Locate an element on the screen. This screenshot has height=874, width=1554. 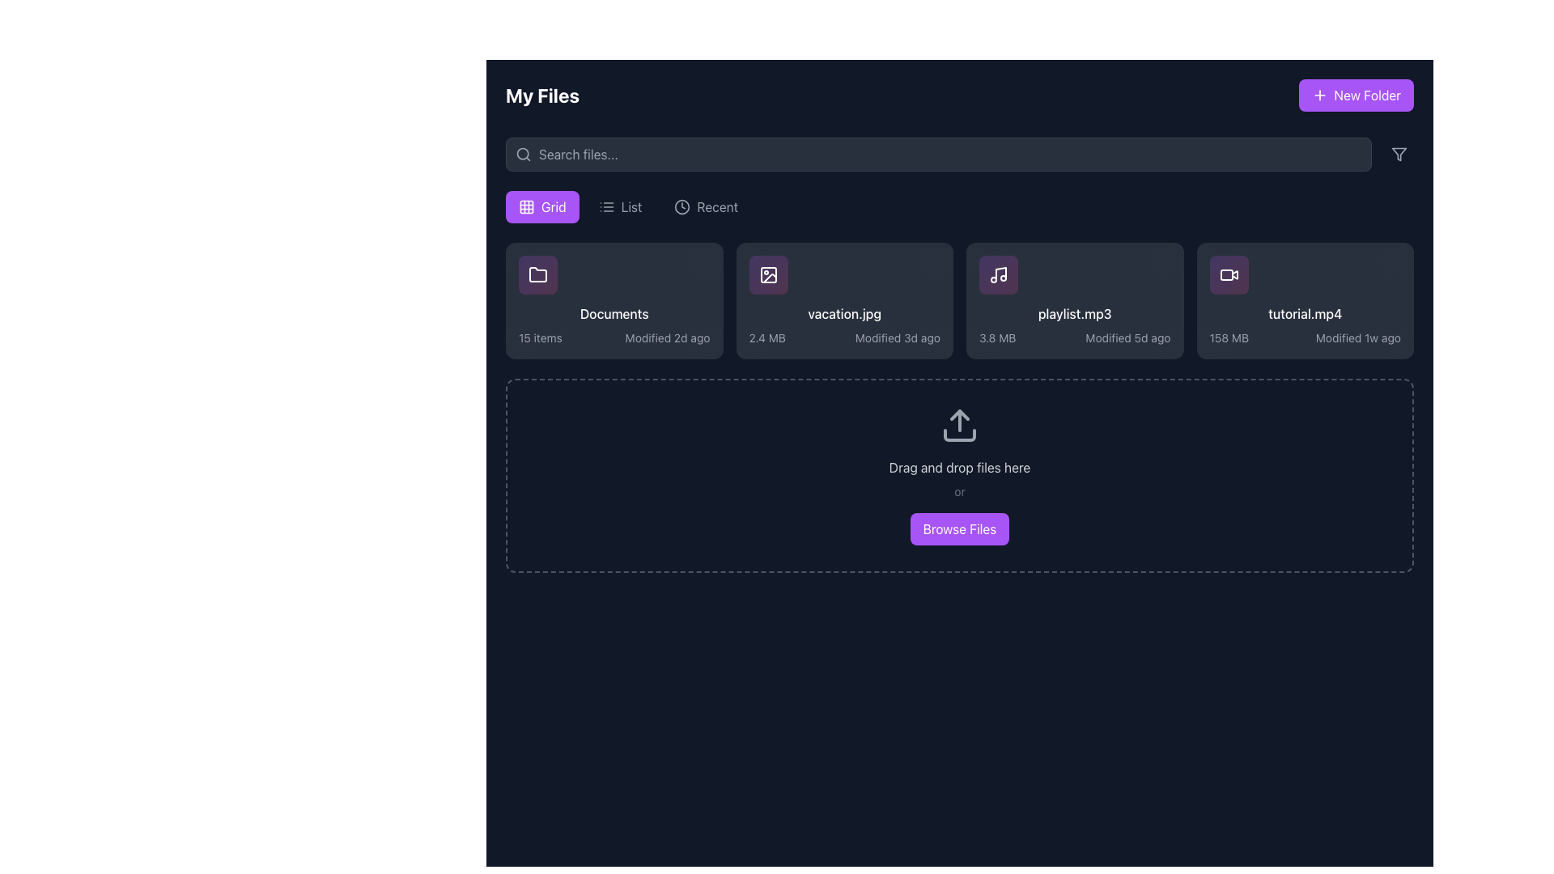
the rounded rectangle icon representing a file upload area within the central part of the upload interface is located at coordinates (959, 434).